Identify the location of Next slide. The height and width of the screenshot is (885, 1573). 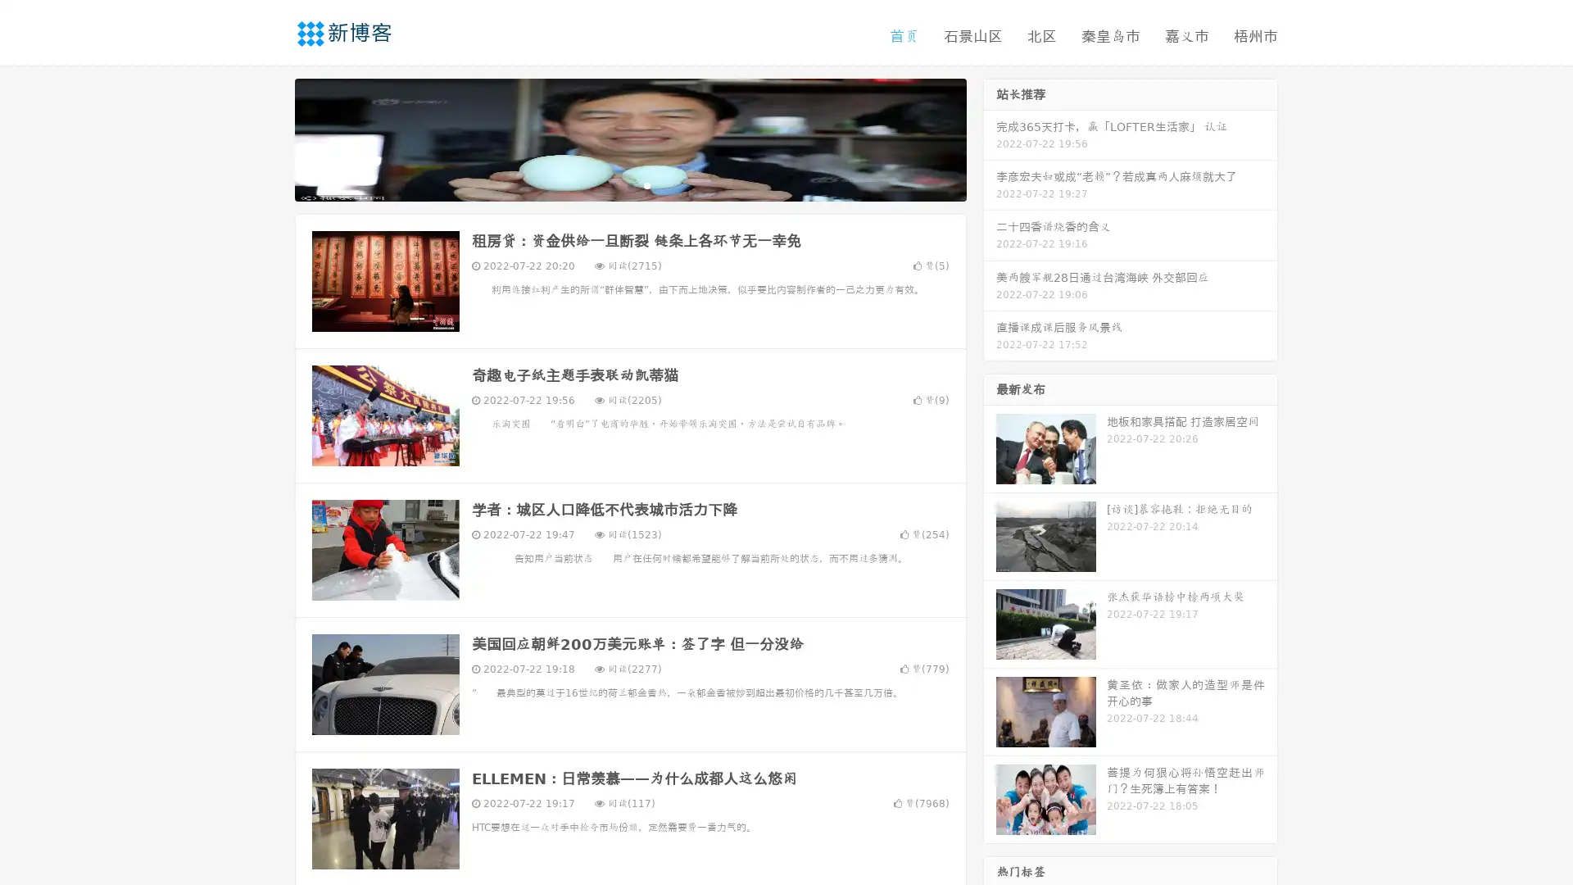
(990, 138).